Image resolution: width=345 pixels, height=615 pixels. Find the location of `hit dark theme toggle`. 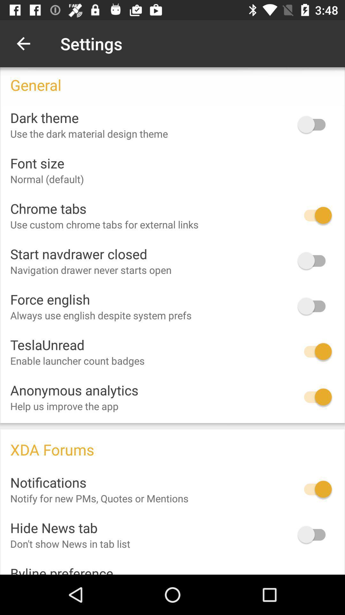

hit dark theme toggle is located at coordinates (314, 124).